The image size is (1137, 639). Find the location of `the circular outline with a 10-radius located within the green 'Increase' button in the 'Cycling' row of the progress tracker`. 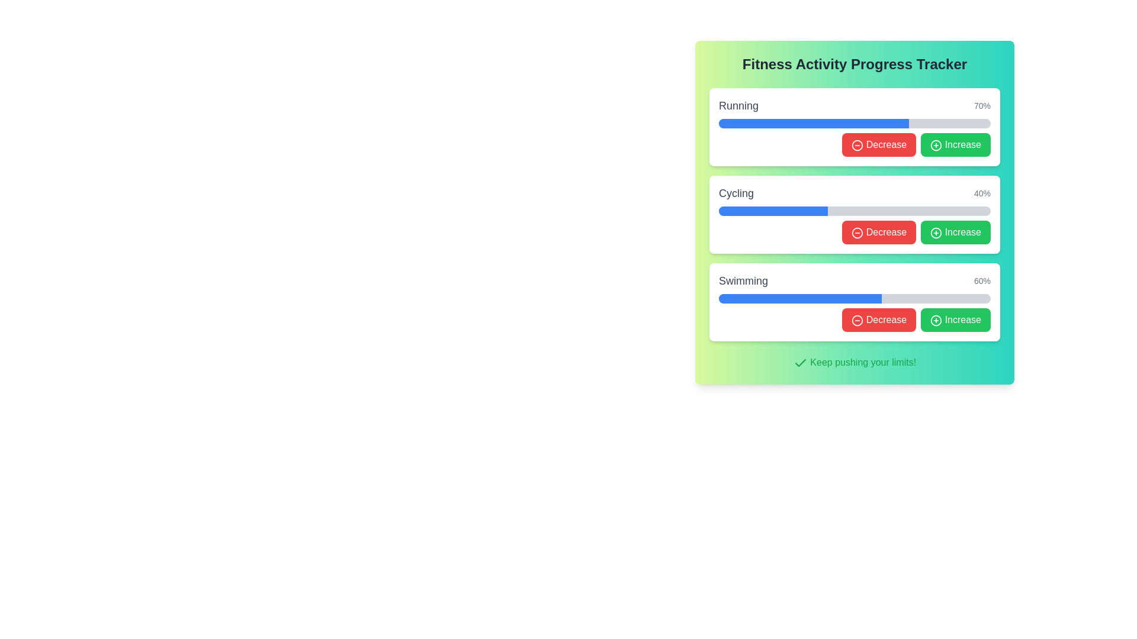

the circular outline with a 10-radius located within the green 'Increase' button in the 'Cycling' row of the progress tracker is located at coordinates (936, 233).